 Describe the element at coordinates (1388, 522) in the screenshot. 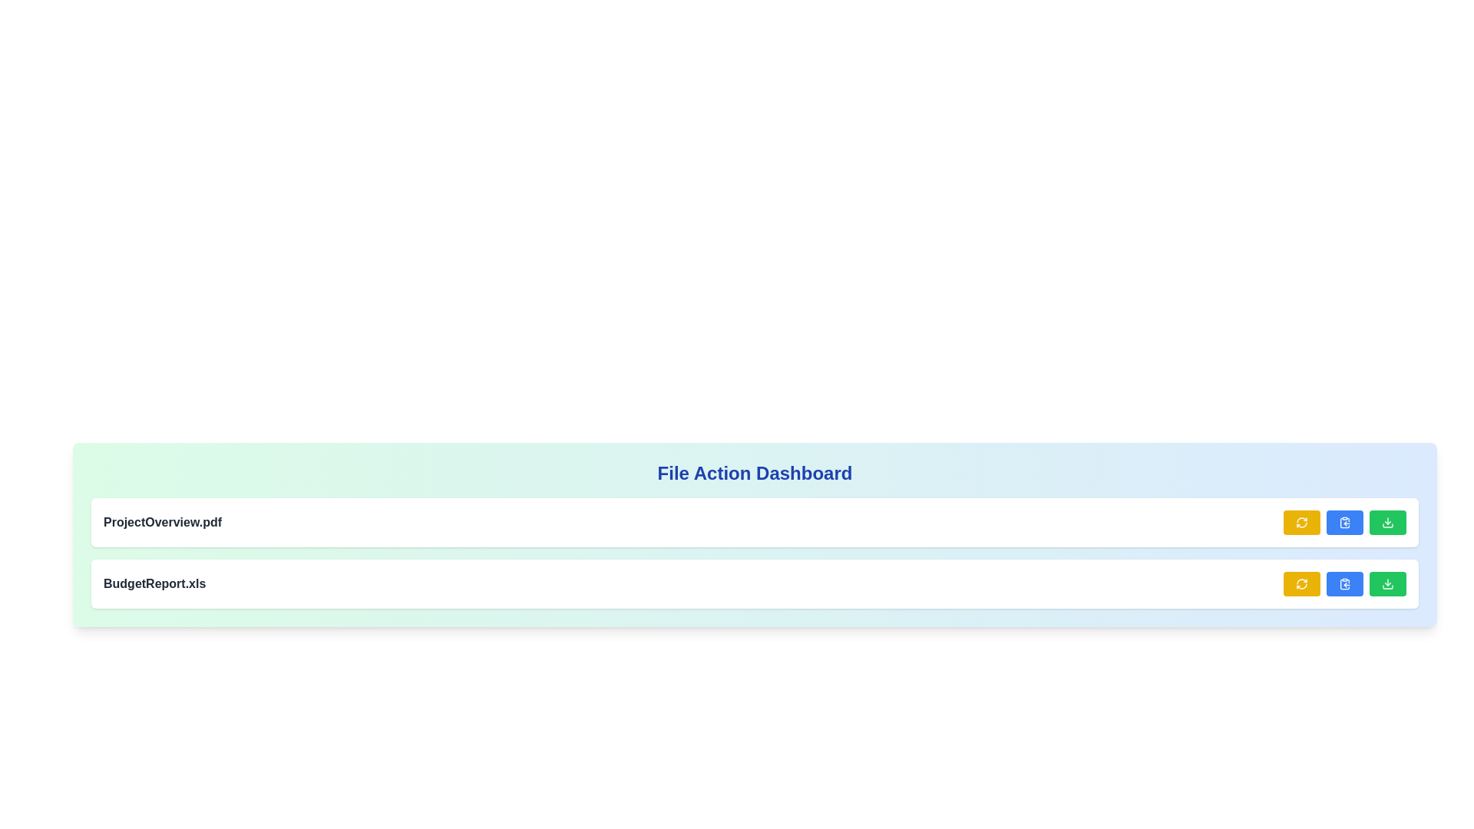

I see `the Icon button located in the second file entry row on the far right to initiate the download of the associated file` at that location.